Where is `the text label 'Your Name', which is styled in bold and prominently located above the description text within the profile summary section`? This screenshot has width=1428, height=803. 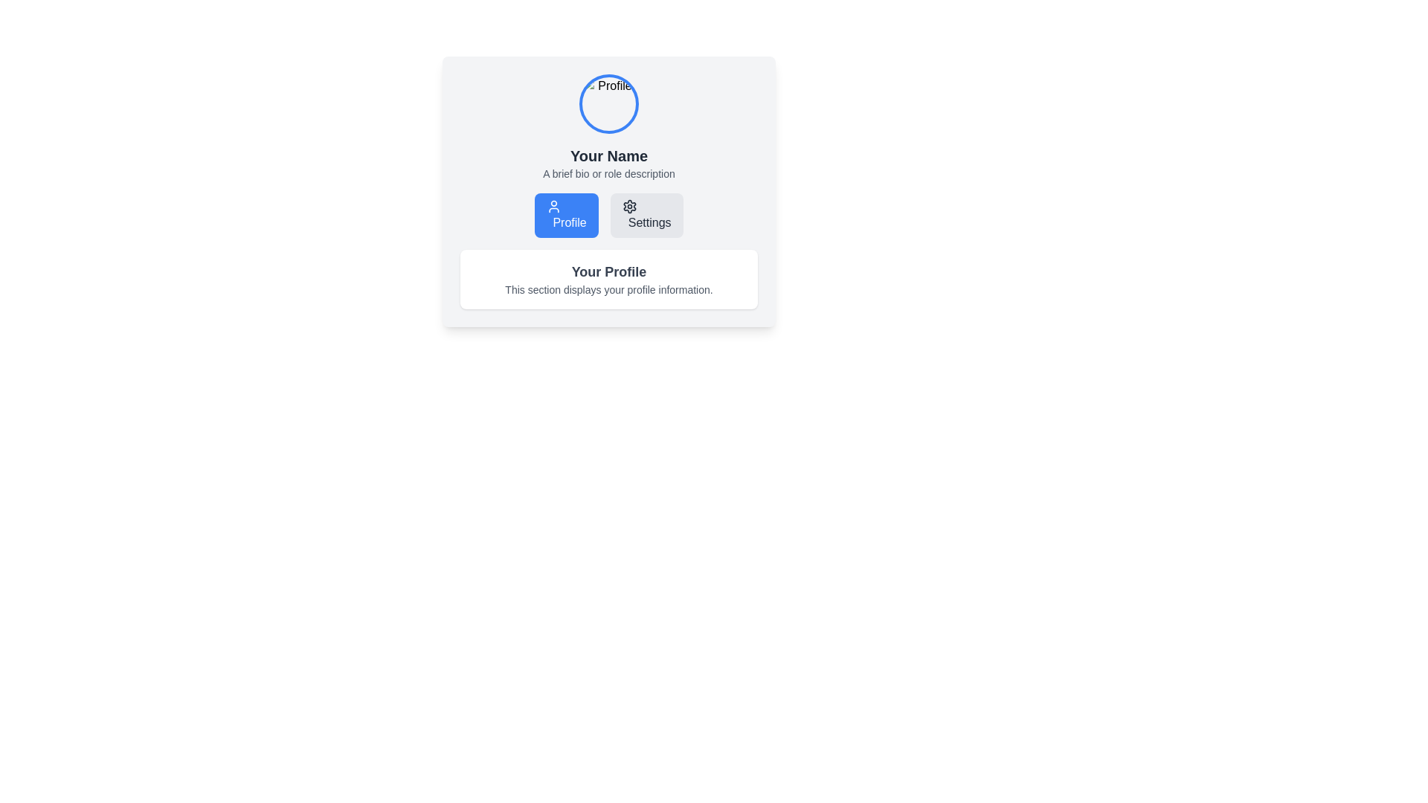
the text label 'Your Name', which is styled in bold and prominently located above the description text within the profile summary section is located at coordinates (609, 155).